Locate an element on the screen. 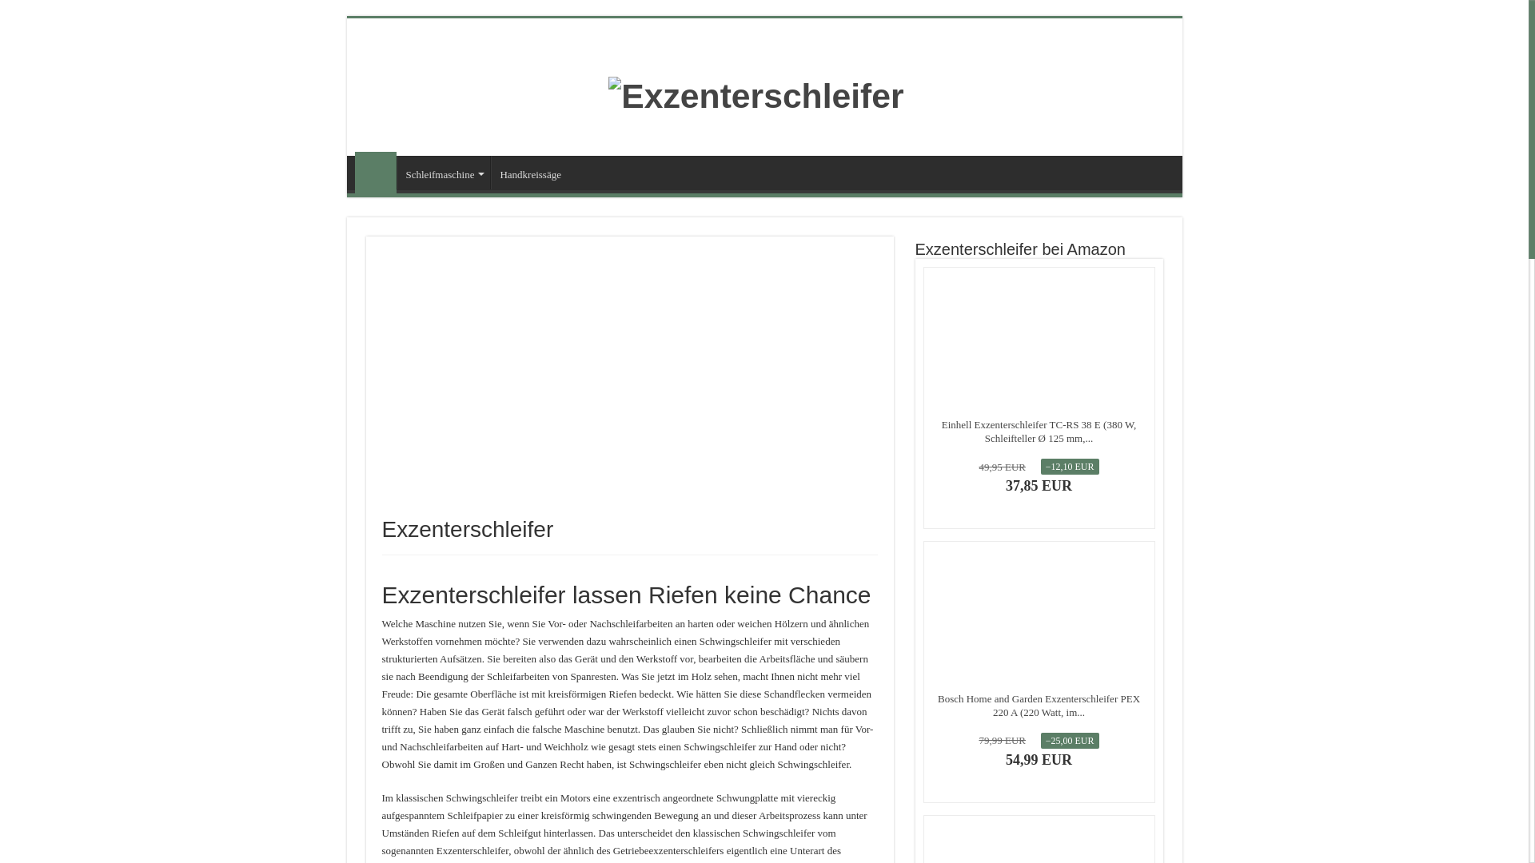  'Bewertungen auf Amazon' is located at coordinates (1039, 402).